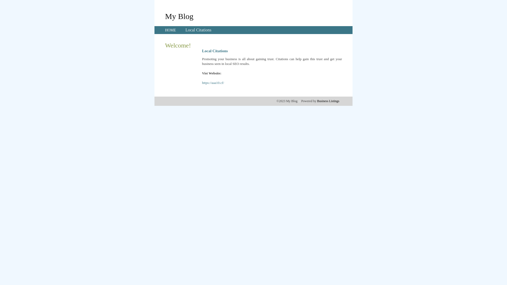  Describe the element at coordinates (317, 101) in the screenshot. I see `'Business Listings'` at that location.